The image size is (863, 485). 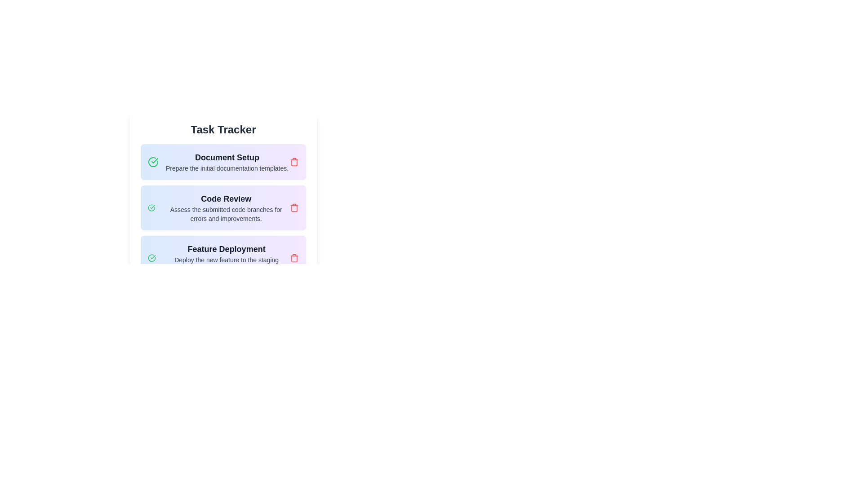 I want to click on the title text of the second task item in the 'Task Tracker' card block, which serves as a concise label for the task described below, so click(x=226, y=198).